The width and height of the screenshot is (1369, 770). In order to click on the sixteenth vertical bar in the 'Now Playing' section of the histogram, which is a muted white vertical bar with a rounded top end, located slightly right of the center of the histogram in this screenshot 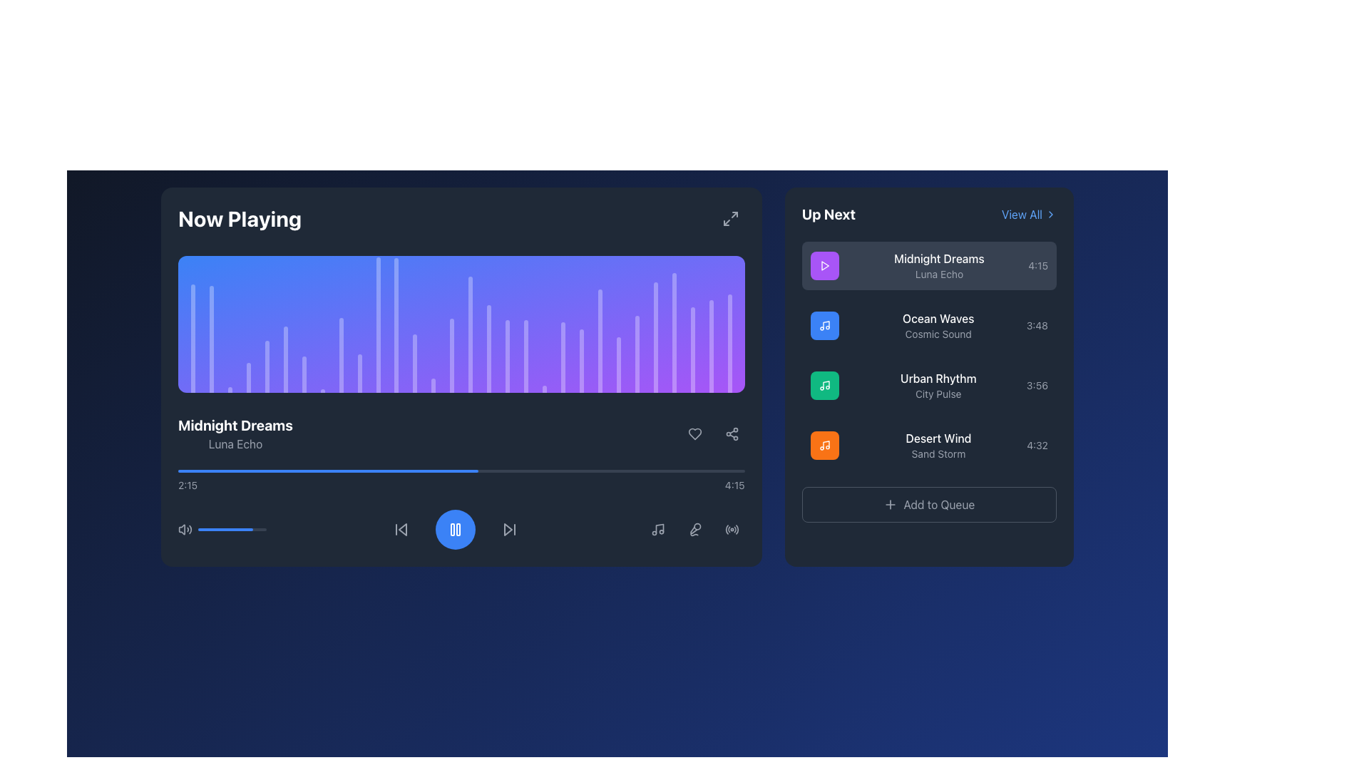, I will do `click(451, 354)`.